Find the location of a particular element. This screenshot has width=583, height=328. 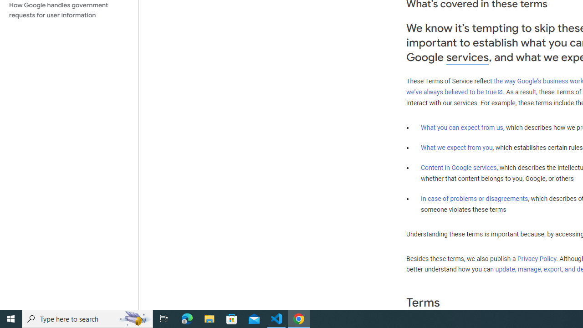

'What we expect from you' is located at coordinates (456, 147).